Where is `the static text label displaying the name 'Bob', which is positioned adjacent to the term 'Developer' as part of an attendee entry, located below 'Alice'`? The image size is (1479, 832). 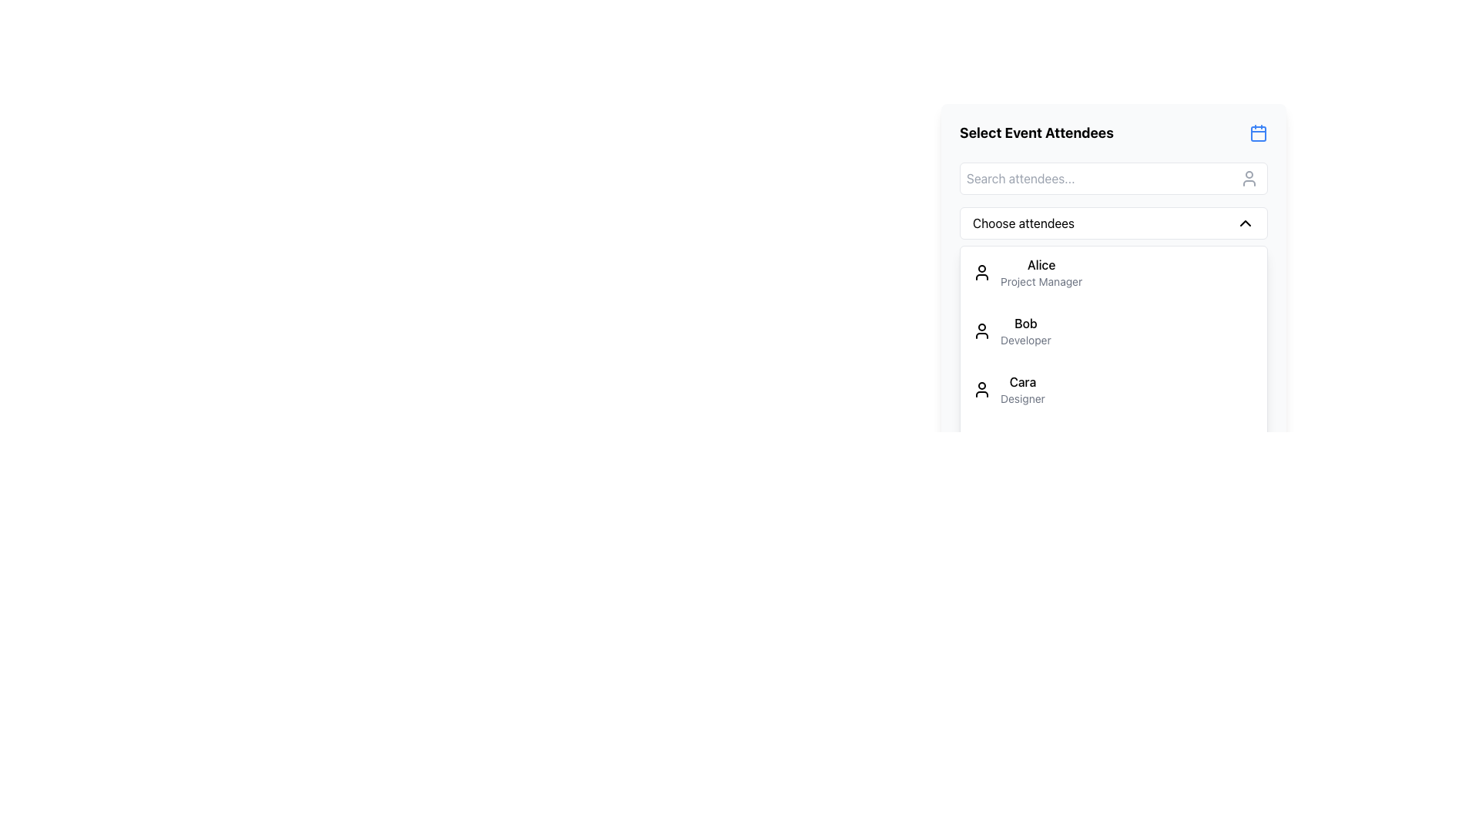 the static text label displaying the name 'Bob', which is positioned adjacent to the term 'Developer' as part of an attendee entry, located below 'Alice' is located at coordinates (1025, 323).